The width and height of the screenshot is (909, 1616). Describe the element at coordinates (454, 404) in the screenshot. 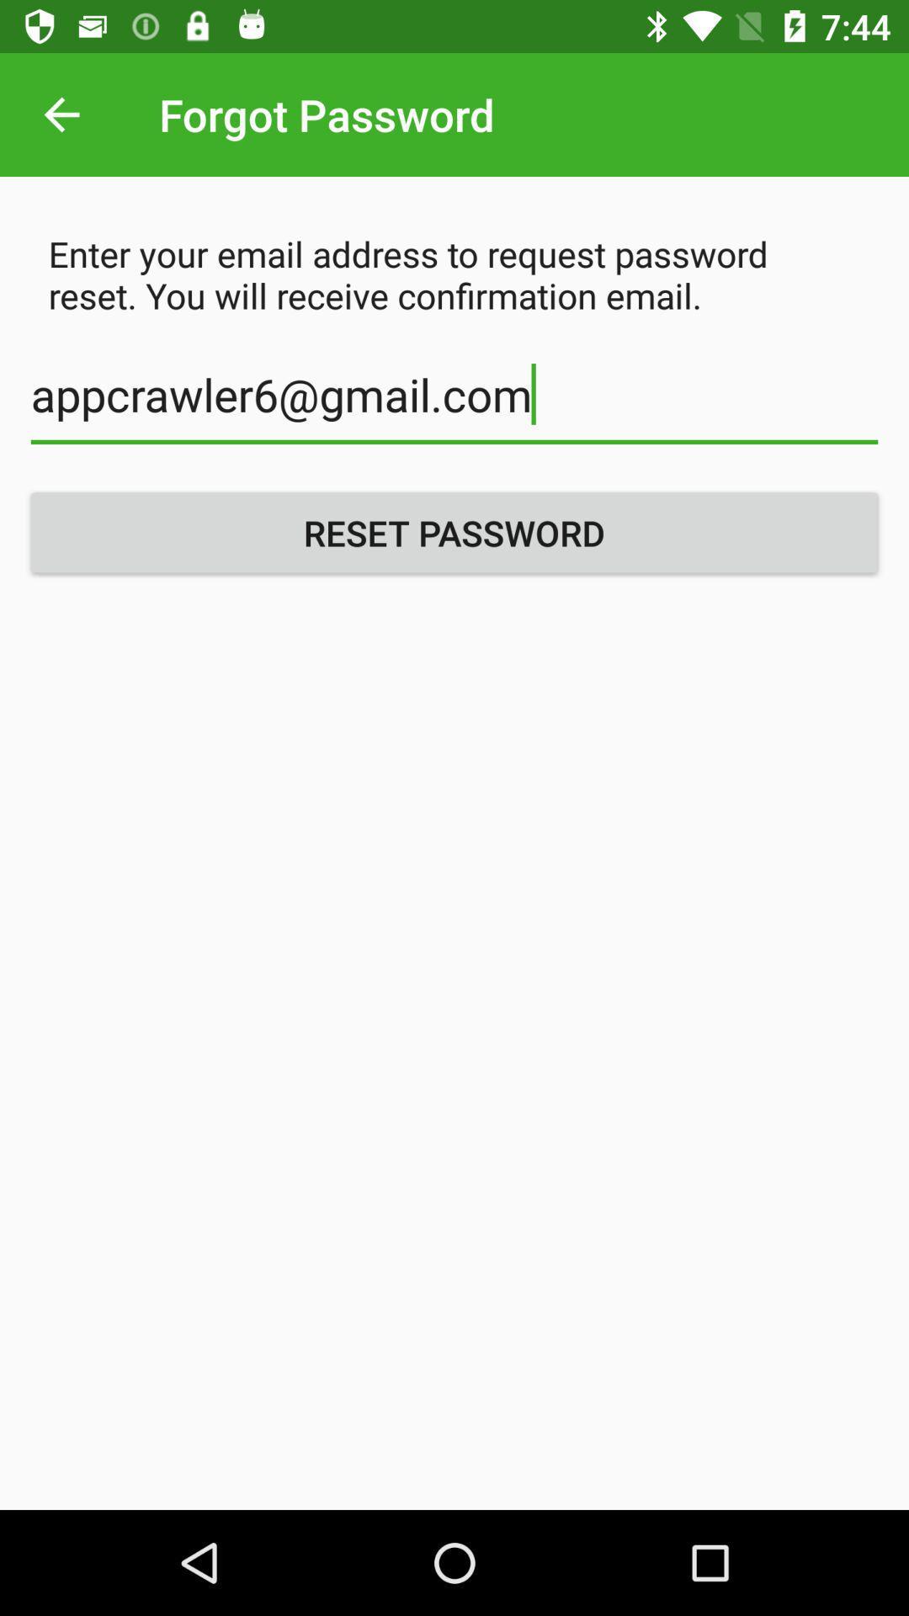

I see `icon below the enter your email icon` at that location.